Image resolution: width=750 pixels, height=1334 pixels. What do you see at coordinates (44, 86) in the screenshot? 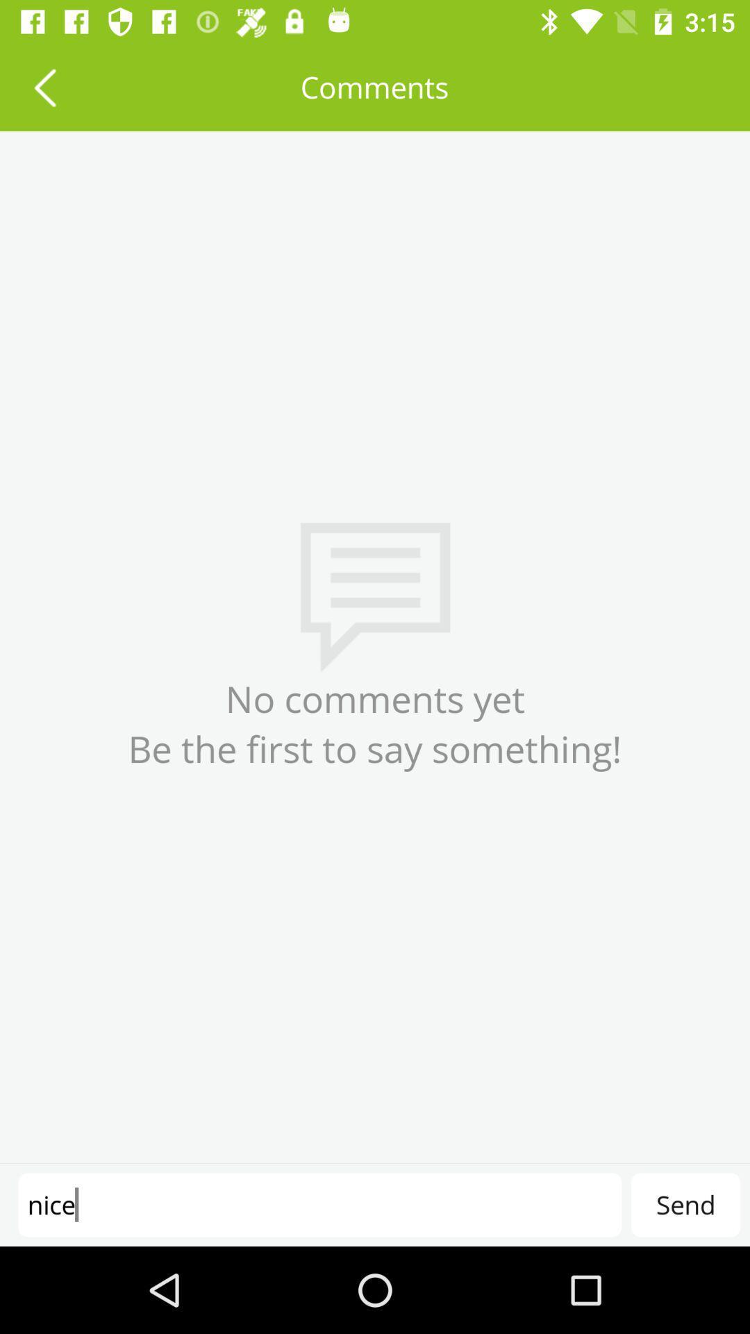
I see `go back` at bounding box center [44, 86].